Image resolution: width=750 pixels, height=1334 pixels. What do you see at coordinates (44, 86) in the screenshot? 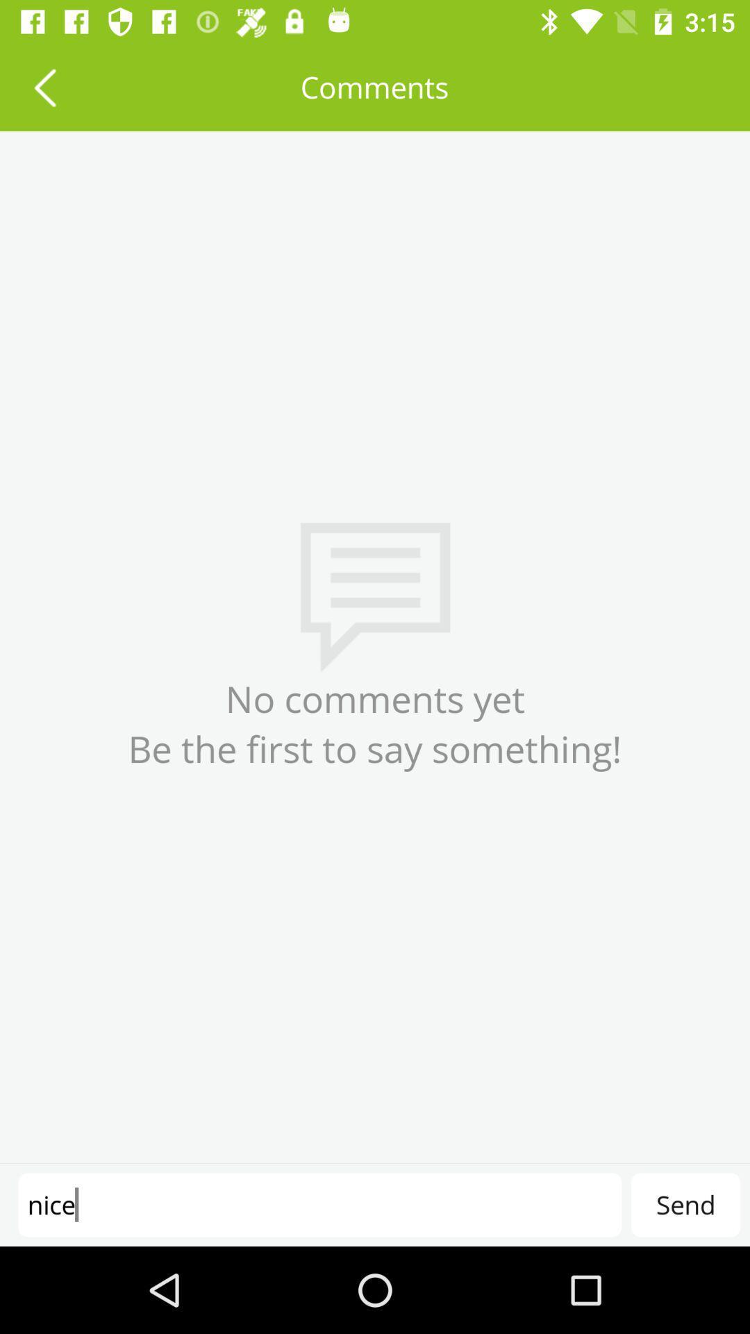
I see `go back` at bounding box center [44, 86].